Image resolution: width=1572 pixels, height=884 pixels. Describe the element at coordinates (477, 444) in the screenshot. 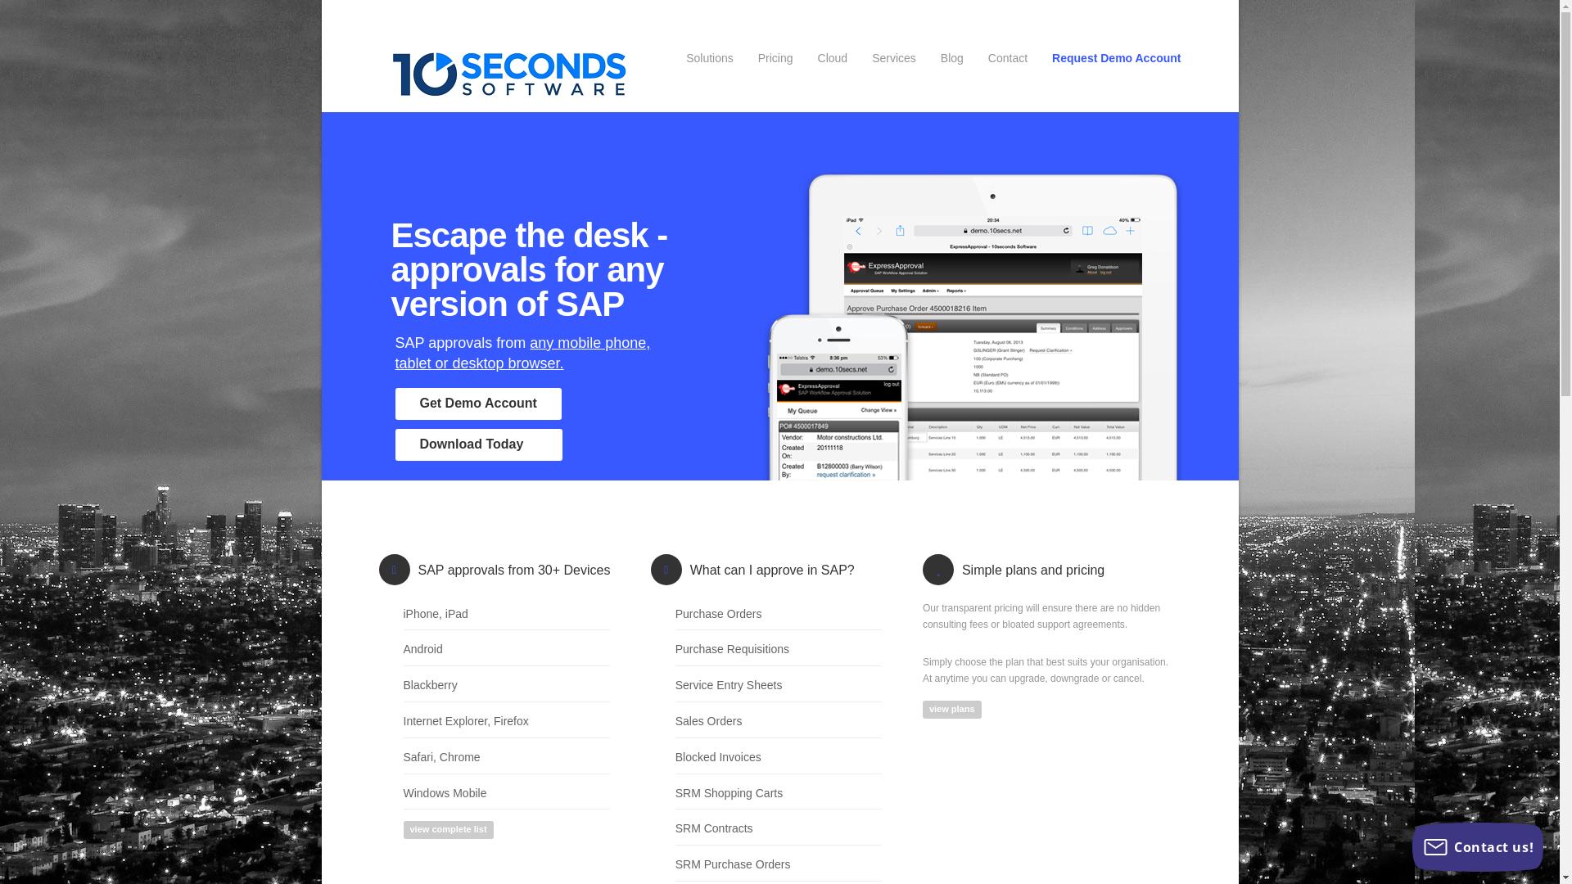

I see `'Download Today    '` at that location.